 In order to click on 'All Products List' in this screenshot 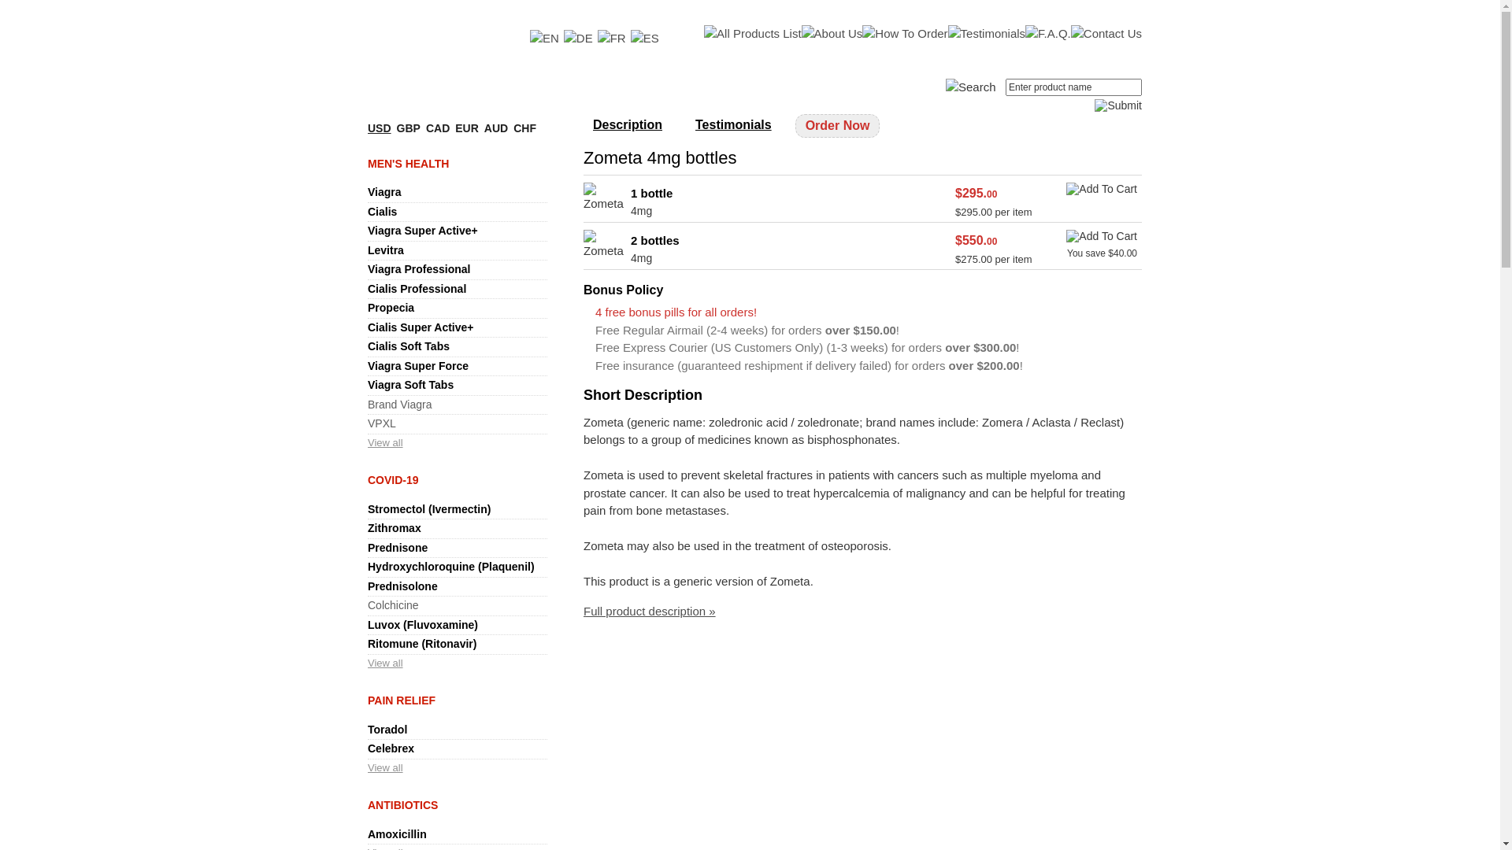, I will do `click(751, 34)`.